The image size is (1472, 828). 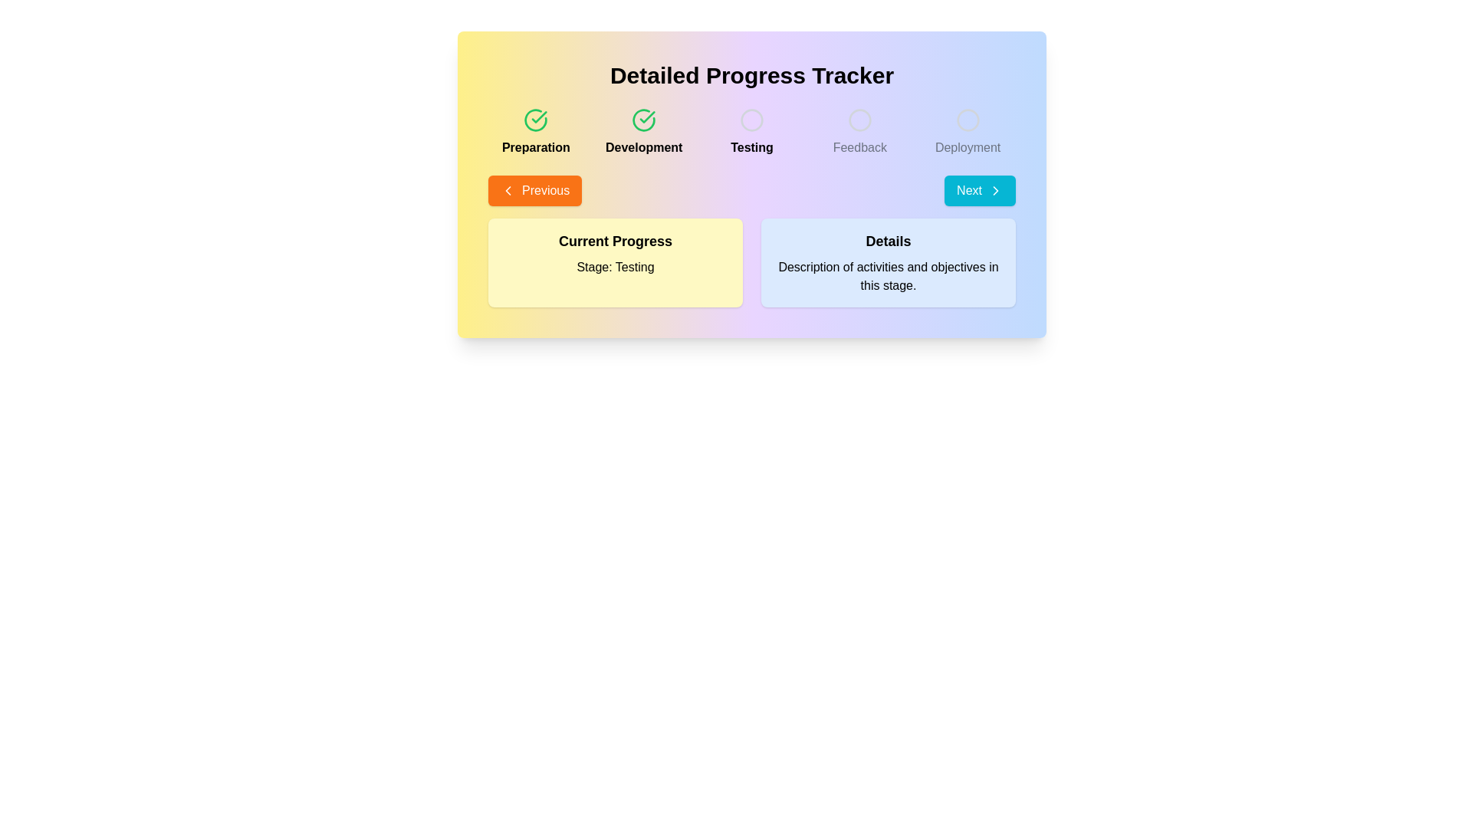 What do you see at coordinates (536, 147) in the screenshot?
I see `text label displaying 'Preparation' which is styled with a bold font and is located below a green checkmark icon in the progress tracker interface` at bounding box center [536, 147].